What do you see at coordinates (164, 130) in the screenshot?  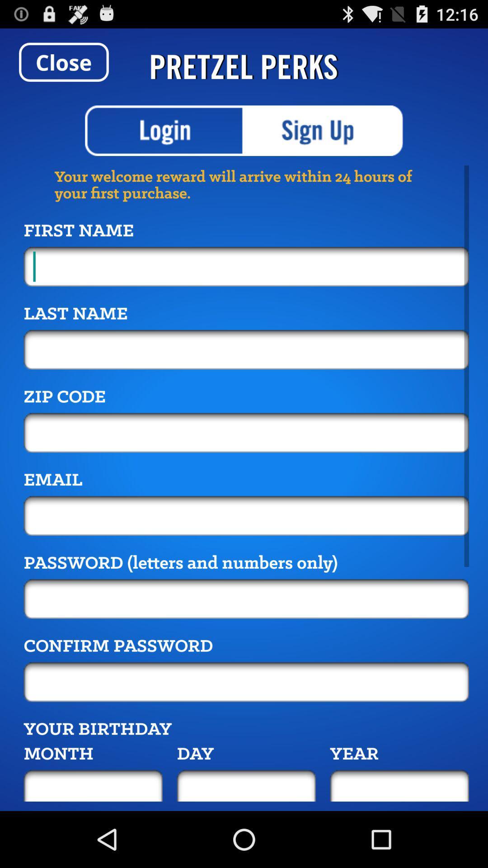 I see `login button` at bounding box center [164, 130].